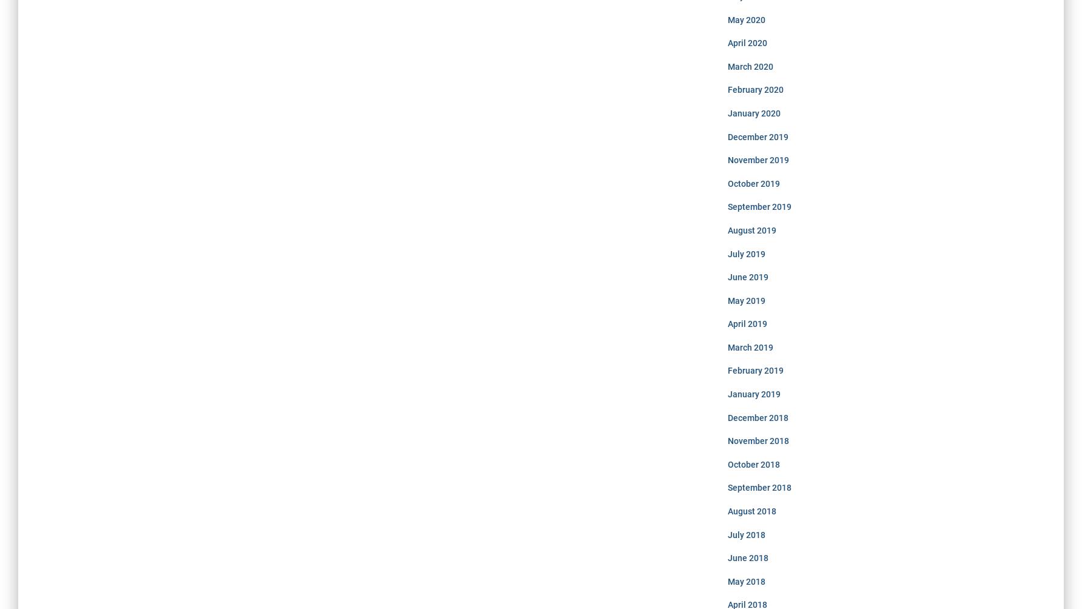 The image size is (1082, 609). What do you see at coordinates (757, 160) in the screenshot?
I see `'November 2019'` at bounding box center [757, 160].